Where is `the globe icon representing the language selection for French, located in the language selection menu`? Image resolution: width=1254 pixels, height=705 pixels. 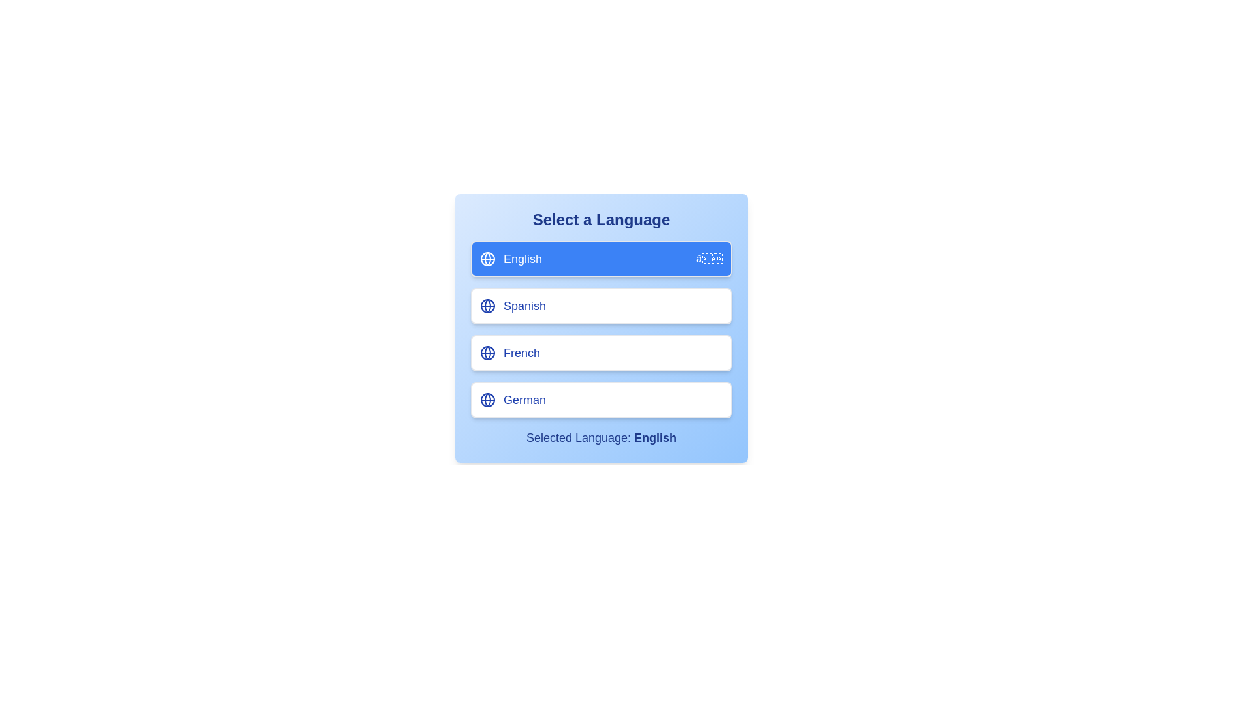
the globe icon representing the language selection for French, located in the language selection menu is located at coordinates (487, 352).